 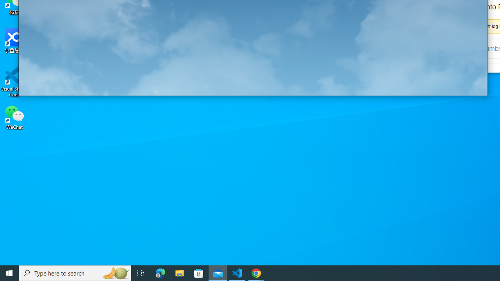 What do you see at coordinates (179, 272) in the screenshot?
I see `'File Explorer'` at bounding box center [179, 272].